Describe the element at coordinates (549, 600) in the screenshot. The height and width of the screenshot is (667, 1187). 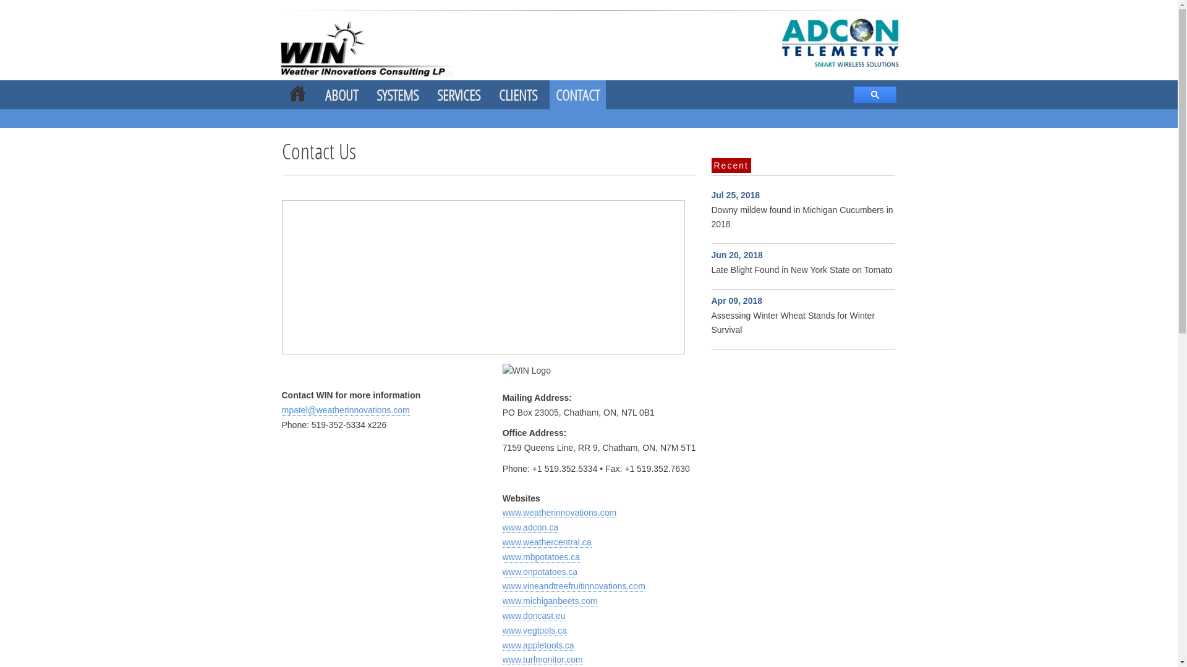
I see `'www.michiganbeets.com'` at that location.